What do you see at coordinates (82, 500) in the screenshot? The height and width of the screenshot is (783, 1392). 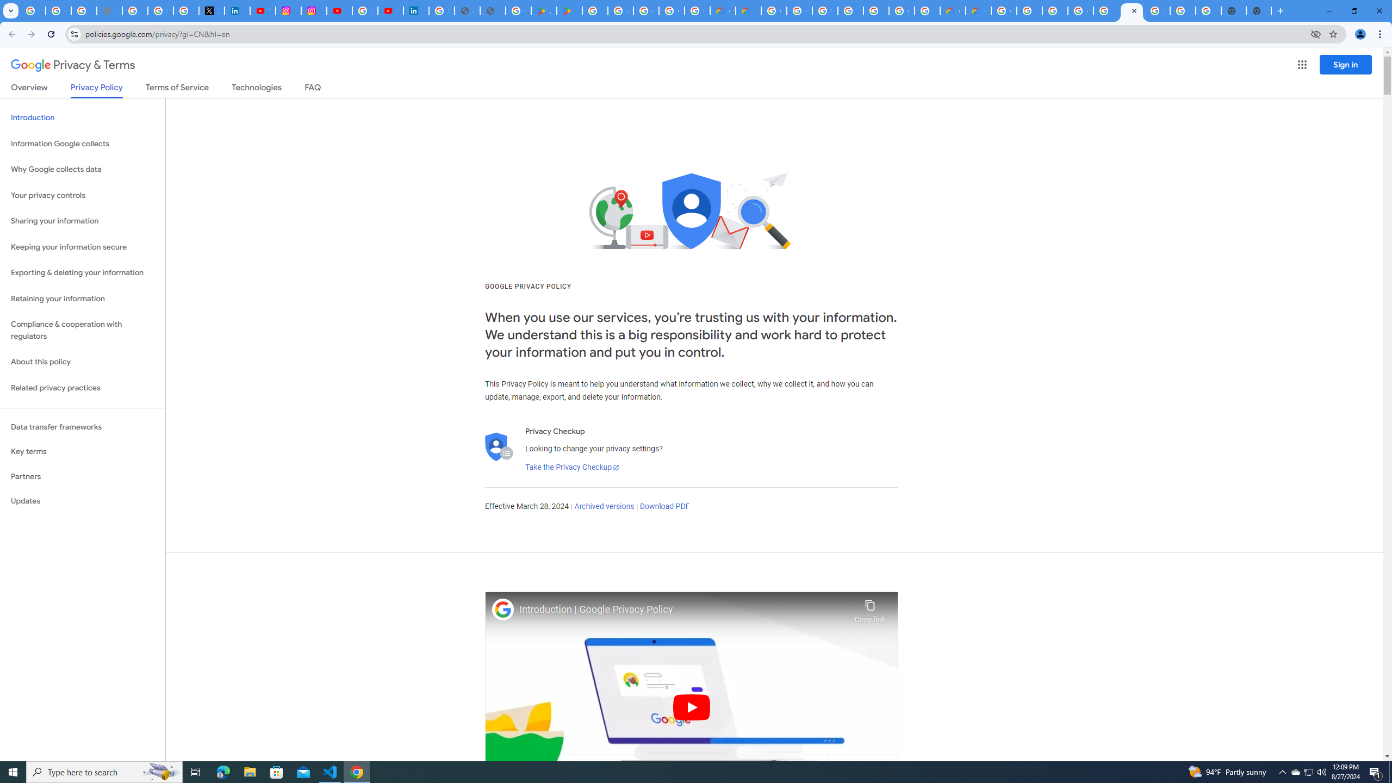 I see `'Updates'` at bounding box center [82, 500].